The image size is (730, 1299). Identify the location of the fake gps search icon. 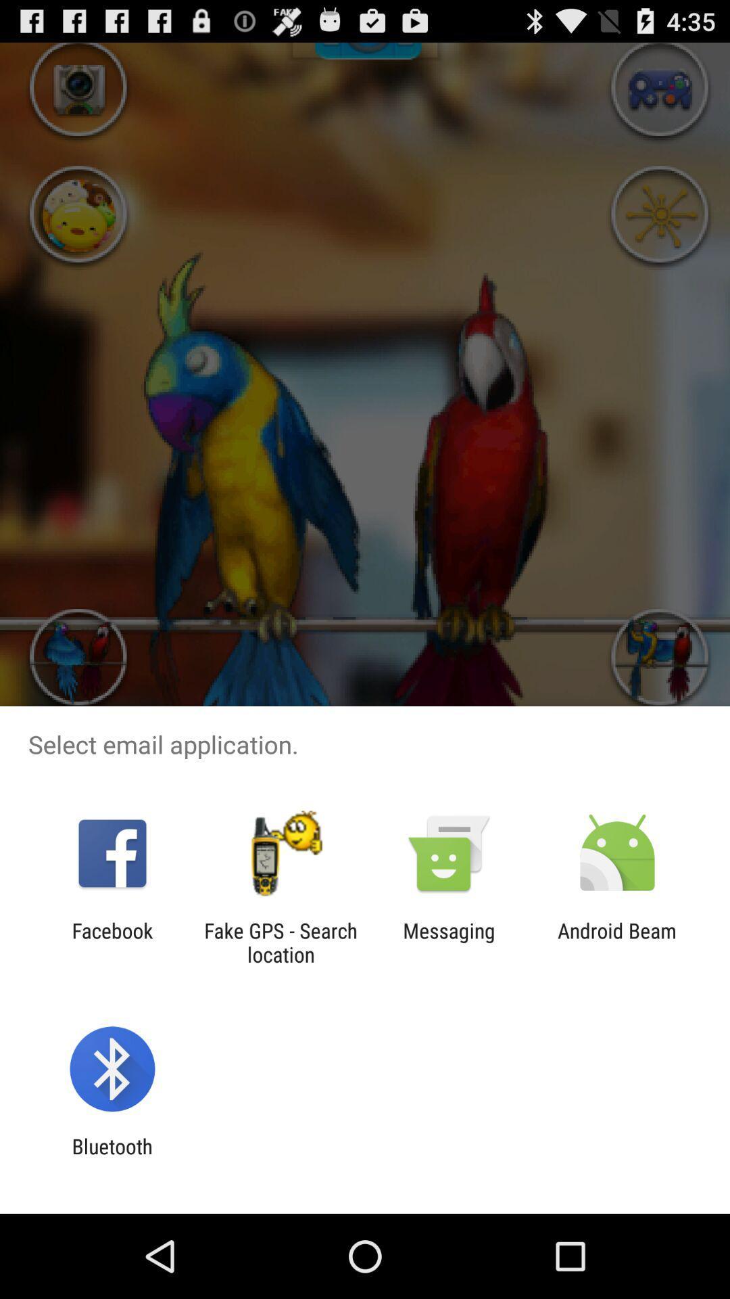
(280, 942).